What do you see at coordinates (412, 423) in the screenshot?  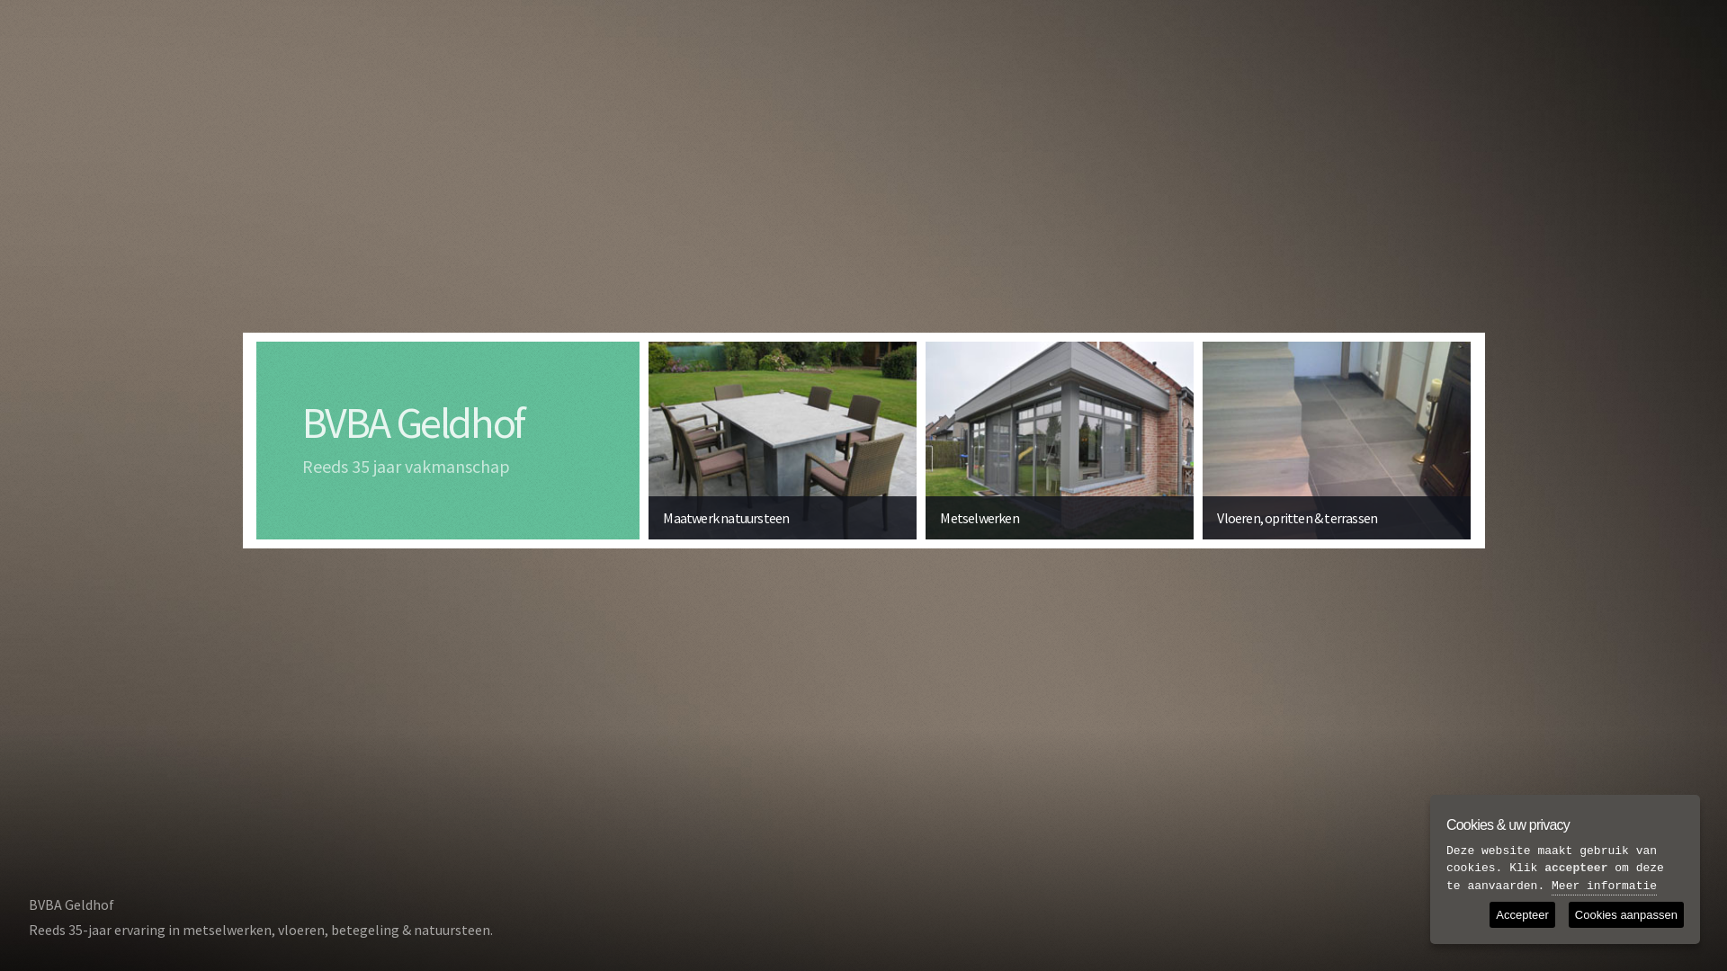 I see `'BVBA Geldhof'` at bounding box center [412, 423].